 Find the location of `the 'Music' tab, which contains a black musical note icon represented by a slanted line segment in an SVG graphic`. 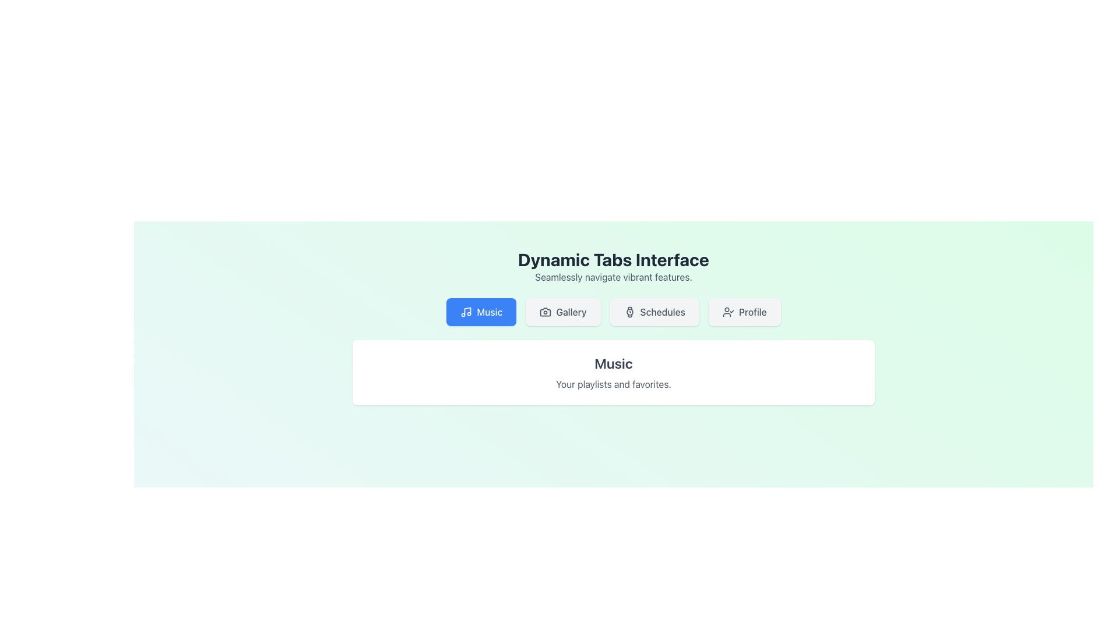

the 'Music' tab, which contains a black musical note icon represented by a slanted line segment in an SVG graphic is located at coordinates (467, 310).